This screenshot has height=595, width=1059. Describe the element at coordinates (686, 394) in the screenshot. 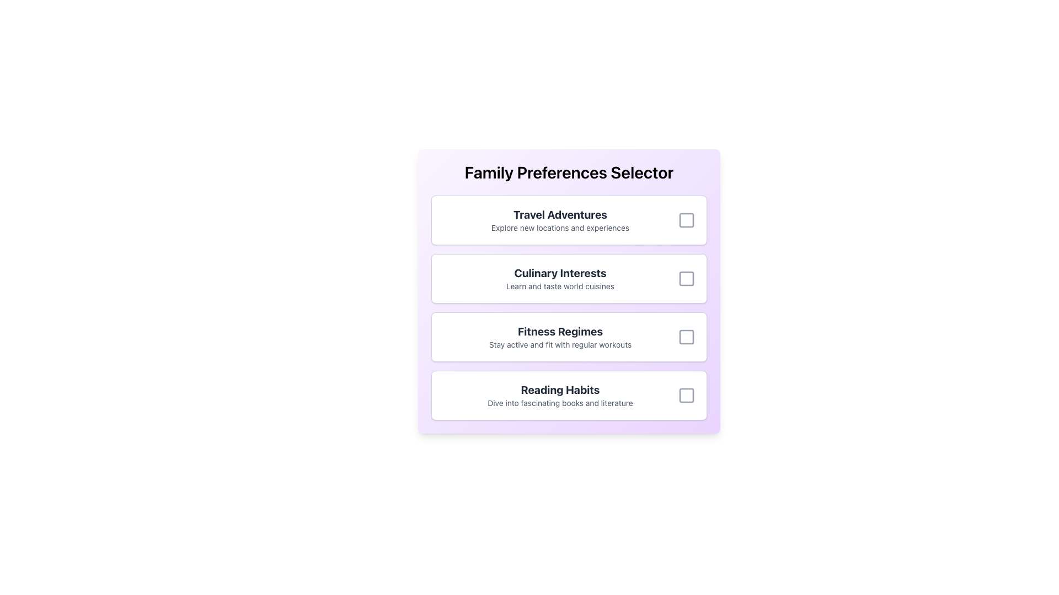

I see `the Checkbox located on the right side of the 'Reading Habits' section` at that location.